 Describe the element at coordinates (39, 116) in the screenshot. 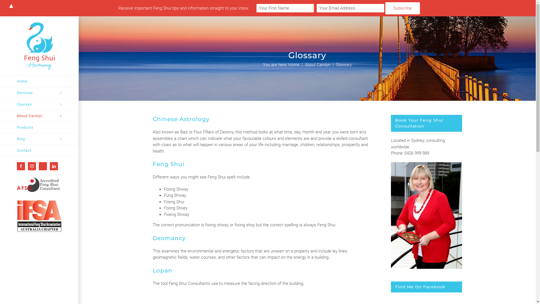

I see `'About Carolyn'` at that location.